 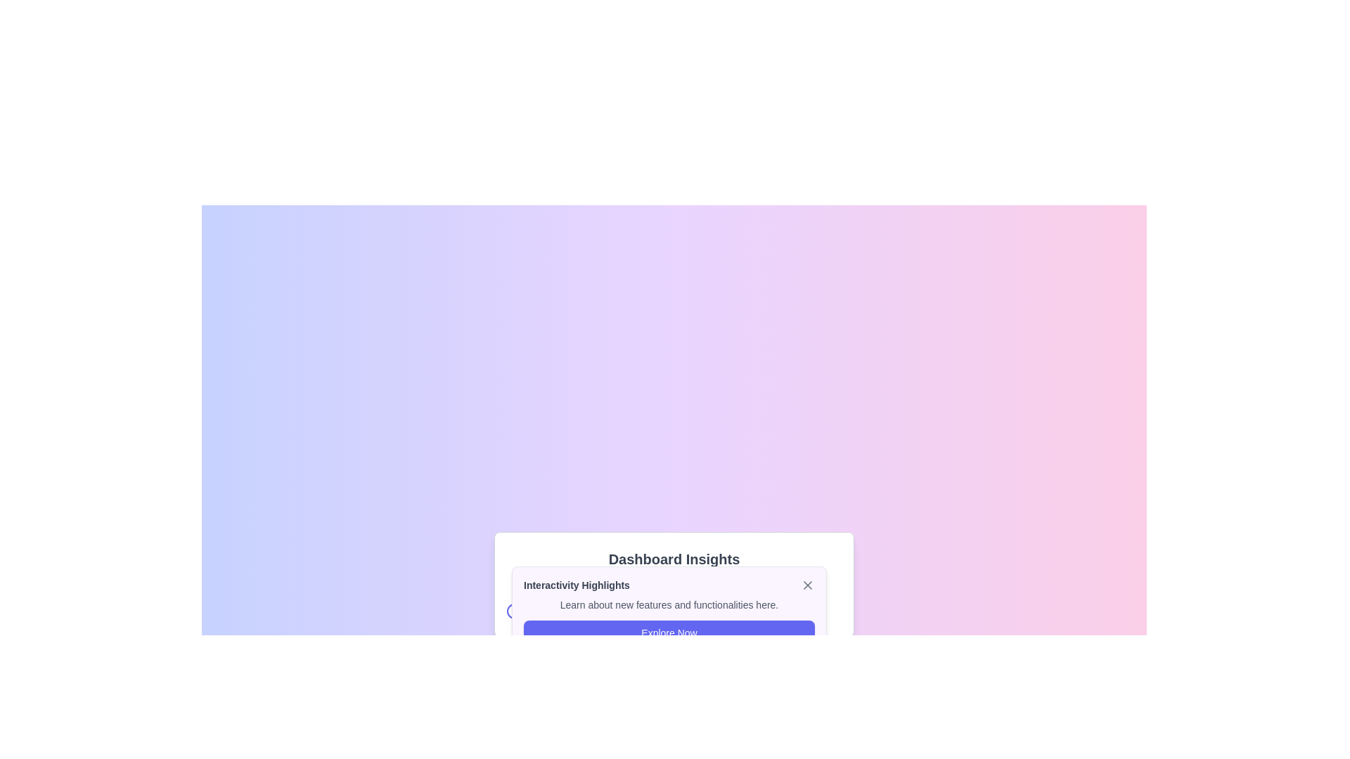 What do you see at coordinates (577, 585) in the screenshot?
I see `the 'Interactivity Highlights' label, which is styled with a small, bold font in gray and serves as a section heading in the pop-up interface` at bounding box center [577, 585].